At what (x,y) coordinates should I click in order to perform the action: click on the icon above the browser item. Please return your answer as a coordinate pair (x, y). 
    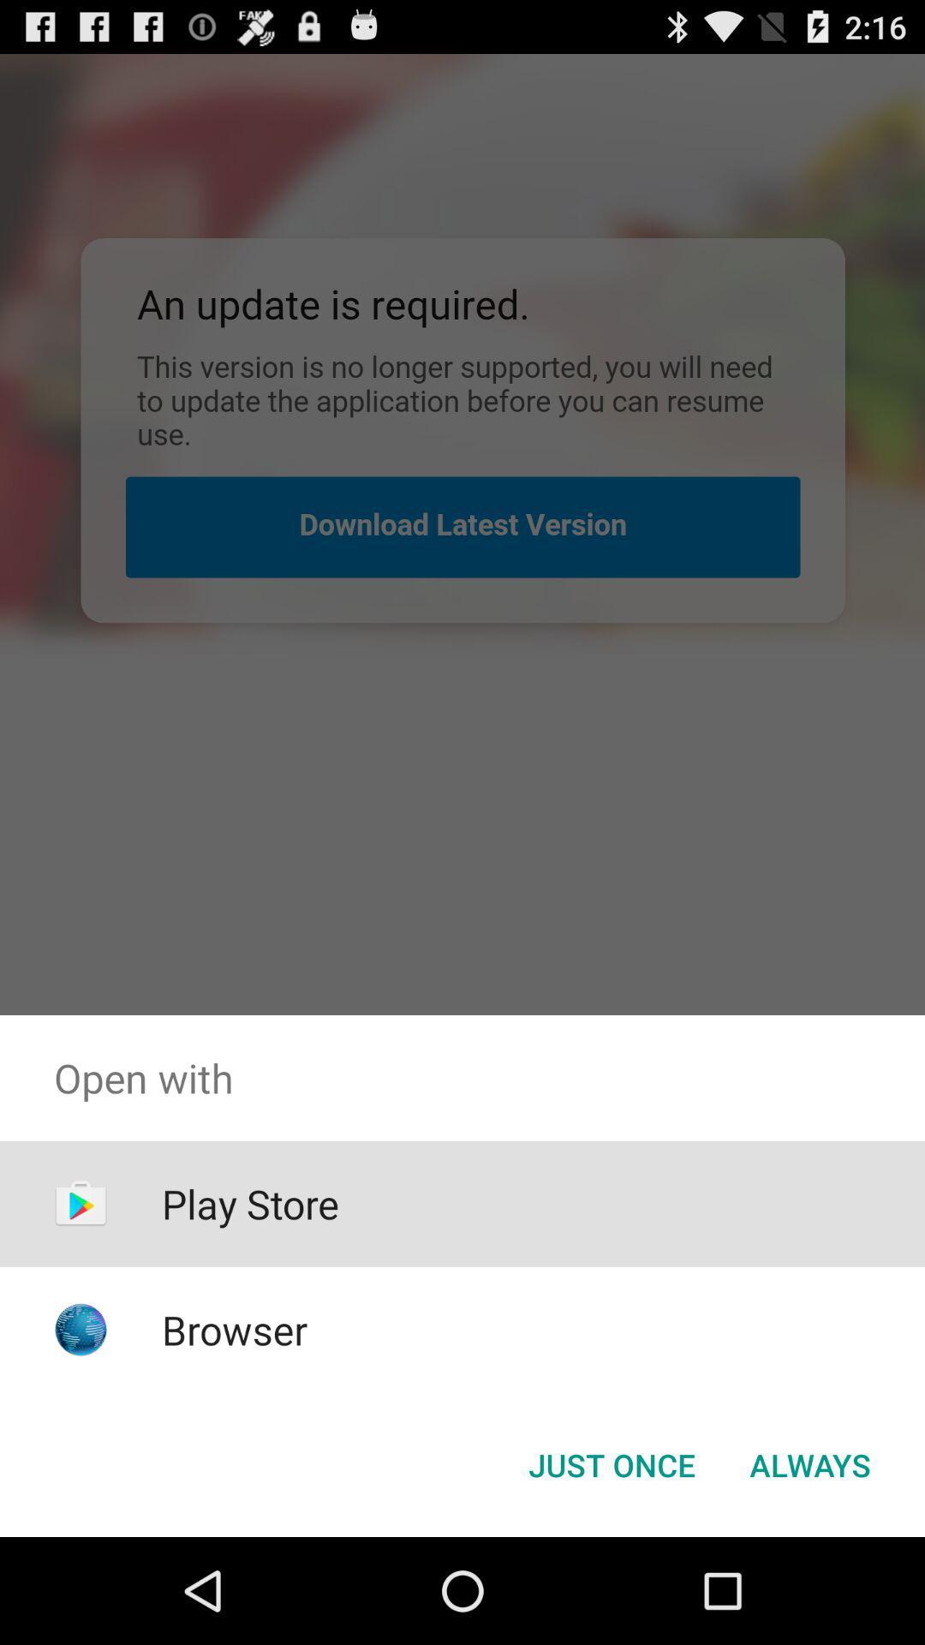
    Looking at the image, I should click on (250, 1203).